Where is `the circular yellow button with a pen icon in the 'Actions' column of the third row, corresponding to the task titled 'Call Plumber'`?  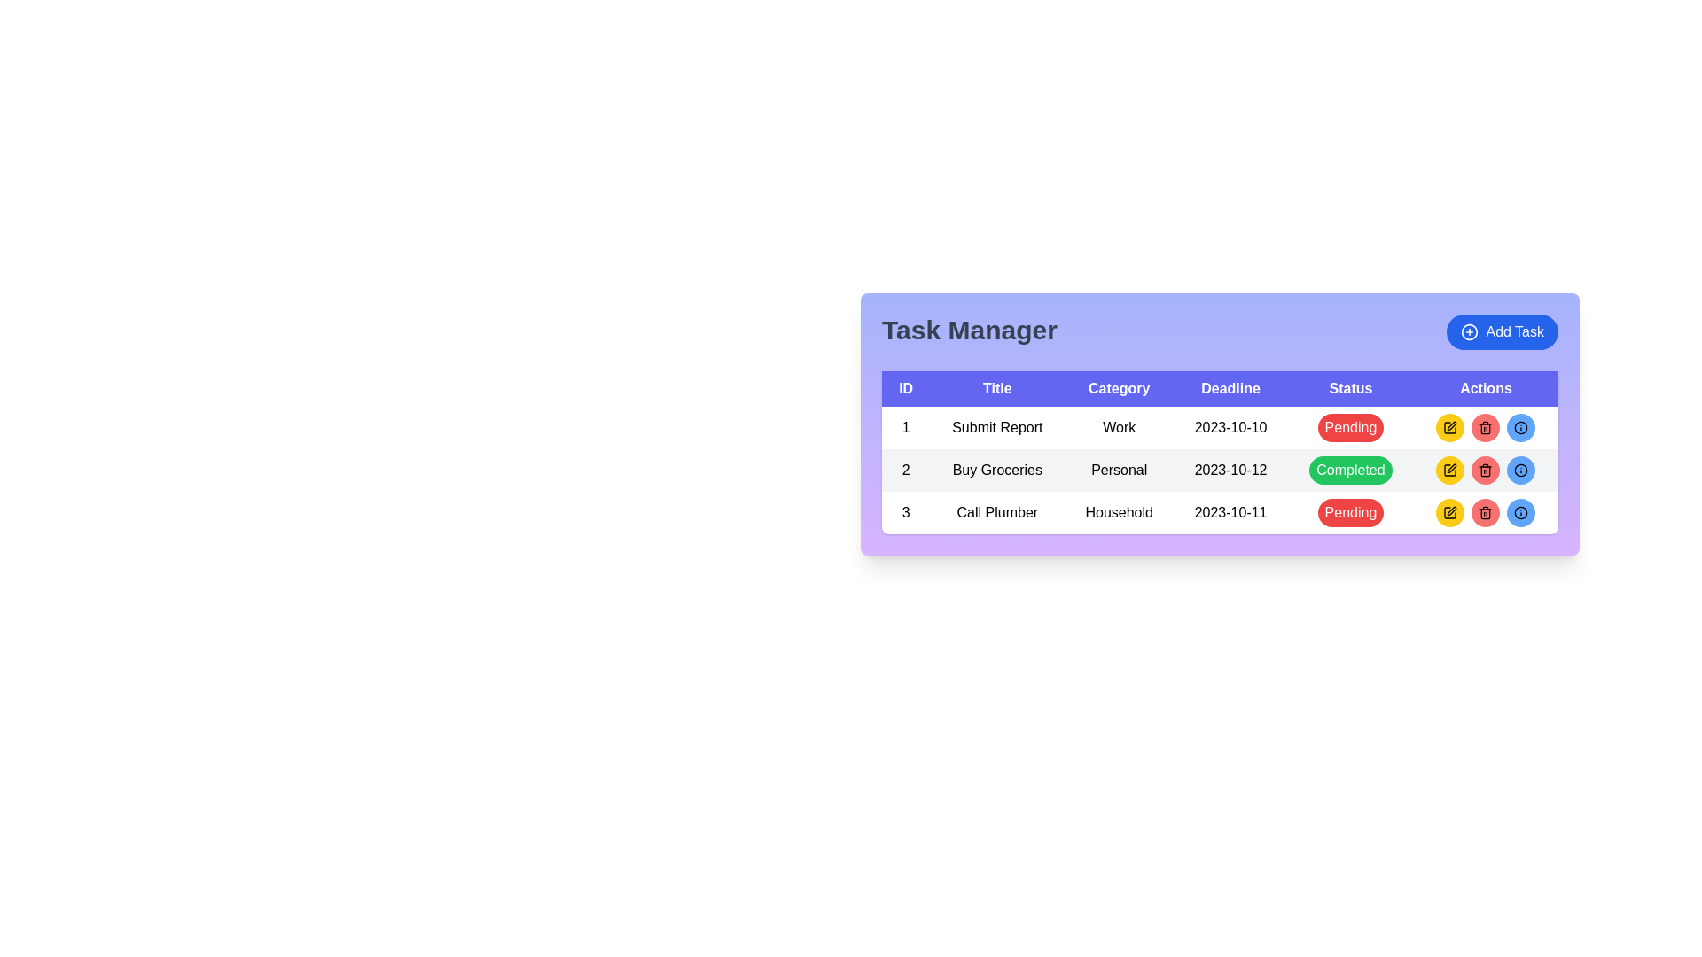 the circular yellow button with a pen icon in the 'Actions' column of the third row, corresponding to the task titled 'Call Plumber' is located at coordinates (1450, 470).